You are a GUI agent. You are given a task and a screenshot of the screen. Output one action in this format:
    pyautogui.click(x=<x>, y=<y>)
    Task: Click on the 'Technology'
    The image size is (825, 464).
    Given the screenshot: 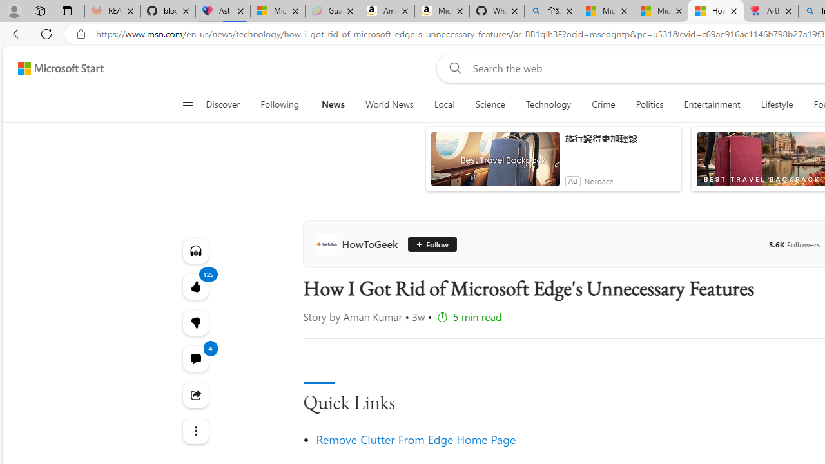 What is the action you would take?
    pyautogui.click(x=548, y=104)
    